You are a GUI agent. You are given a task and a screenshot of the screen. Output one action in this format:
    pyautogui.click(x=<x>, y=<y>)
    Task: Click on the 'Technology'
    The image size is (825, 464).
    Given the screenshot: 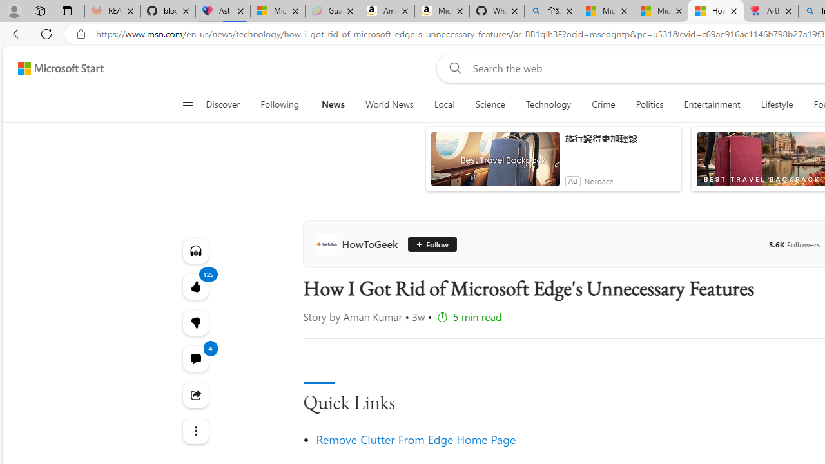 What is the action you would take?
    pyautogui.click(x=548, y=104)
    